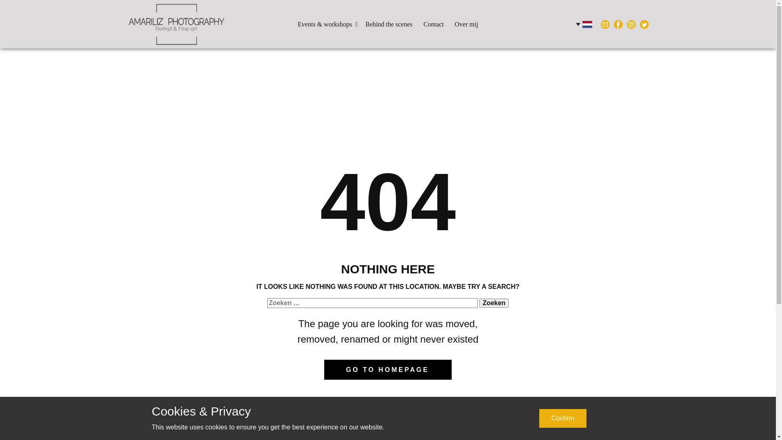  Describe the element at coordinates (326, 24) in the screenshot. I see `'Events & workshops'` at that location.